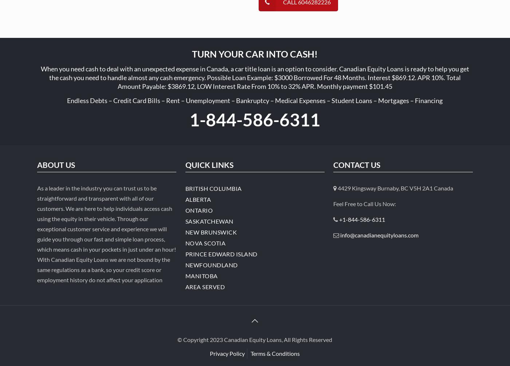  What do you see at coordinates (255, 100) in the screenshot?
I see `'Endless Debts – Credit Card Bills – Rent – Unemployment – Bankruptcy – Medical Expenses – Student Loans – Mortgages – Financing'` at bounding box center [255, 100].